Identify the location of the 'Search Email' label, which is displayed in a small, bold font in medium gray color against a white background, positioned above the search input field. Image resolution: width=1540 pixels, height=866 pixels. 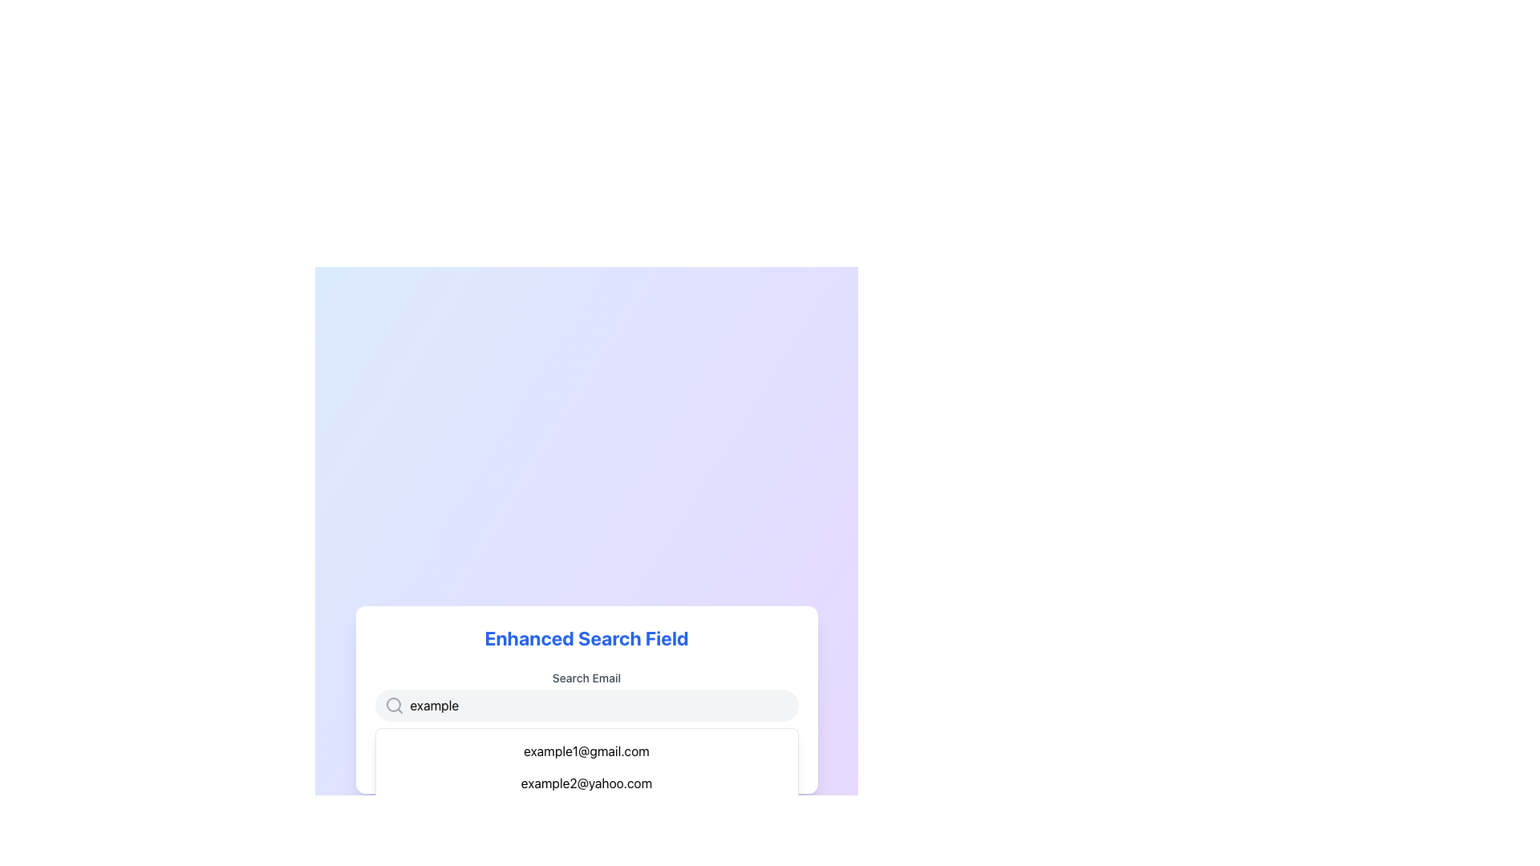
(586, 678).